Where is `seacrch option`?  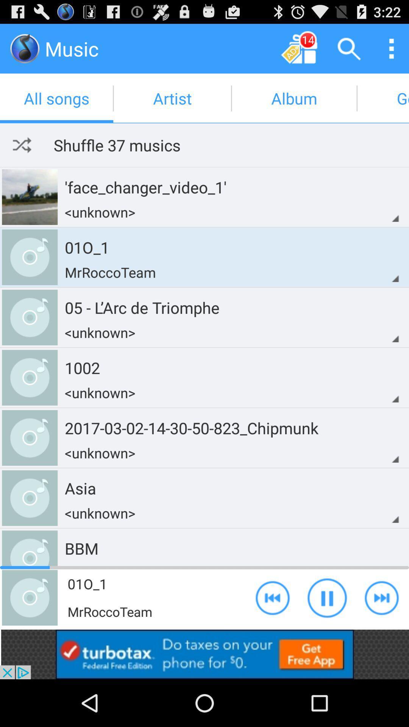
seacrch option is located at coordinates (349, 48).